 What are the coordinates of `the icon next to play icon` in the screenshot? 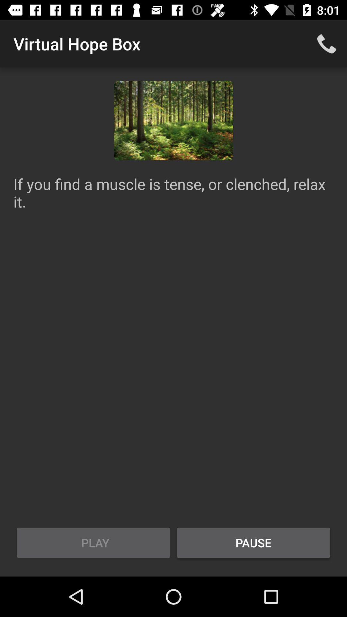 It's located at (253, 542).